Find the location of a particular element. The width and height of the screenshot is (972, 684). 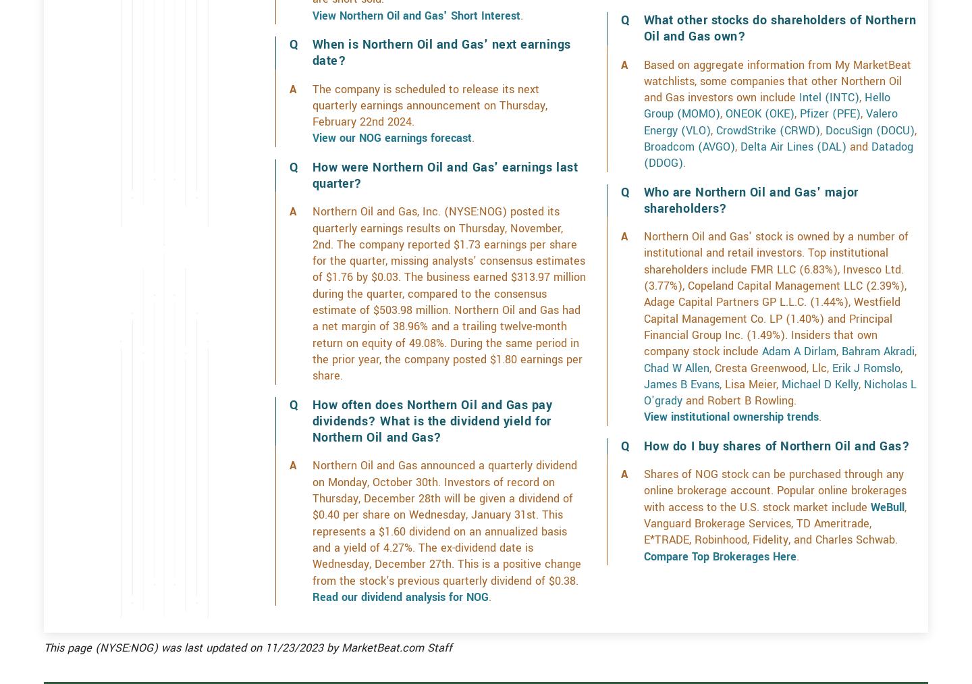

'Erik J Romslo' is located at coordinates (831, 415).